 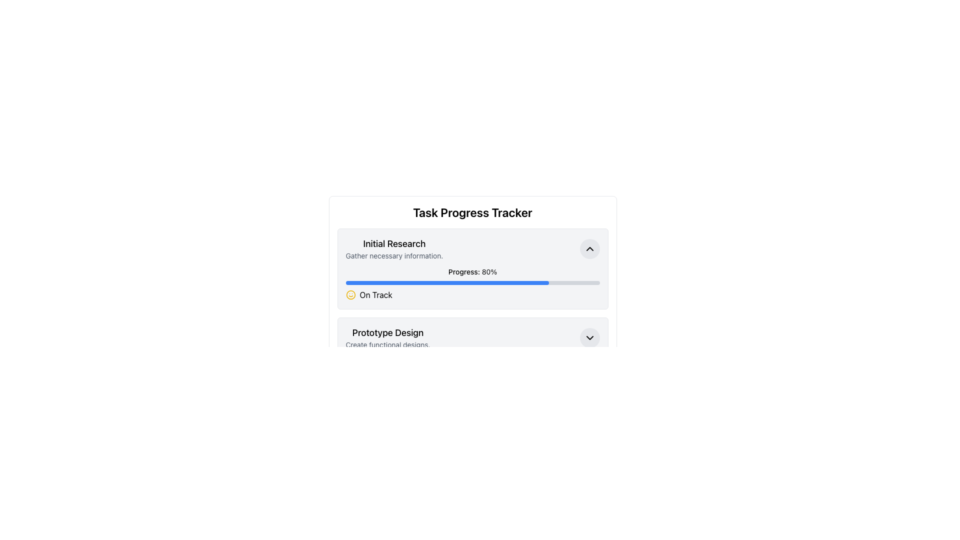 I want to click on the text label that displays 'On Track' accompanied by a yellow smiley icon, located at the bottom of the 'Progress: 80%' section, so click(x=472, y=294).